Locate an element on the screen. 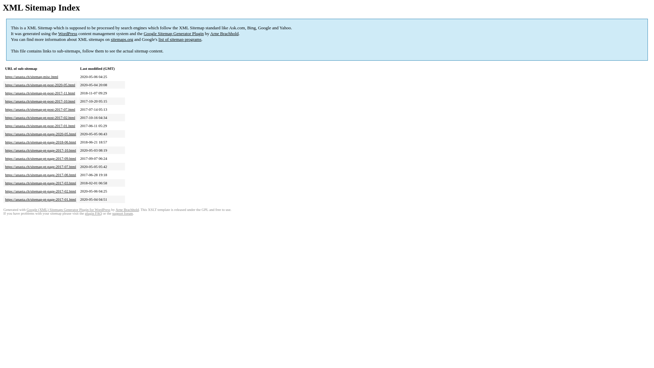 Image resolution: width=654 pixels, height=368 pixels. 'https://anasta.ch/sitemap-pt-page-2020-05.html' is located at coordinates (40, 134).